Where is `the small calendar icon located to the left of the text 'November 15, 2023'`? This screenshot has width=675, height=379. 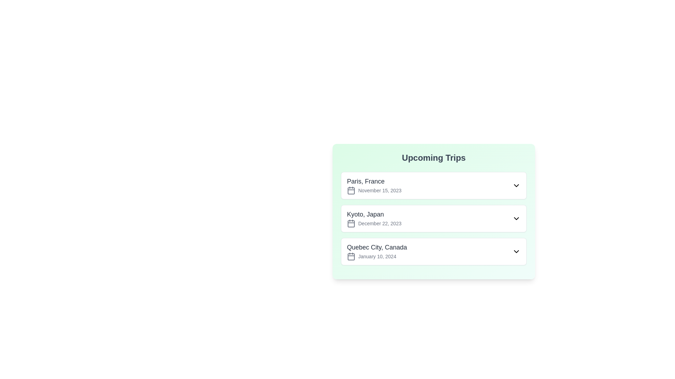 the small calendar icon located to the left of the text 'November 15, 2023' is located at coordinates (351, 191).